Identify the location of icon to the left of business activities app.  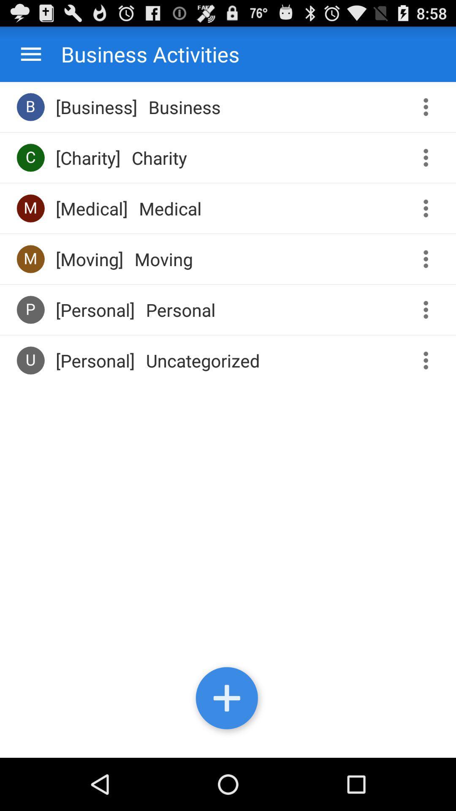
(30, 54).